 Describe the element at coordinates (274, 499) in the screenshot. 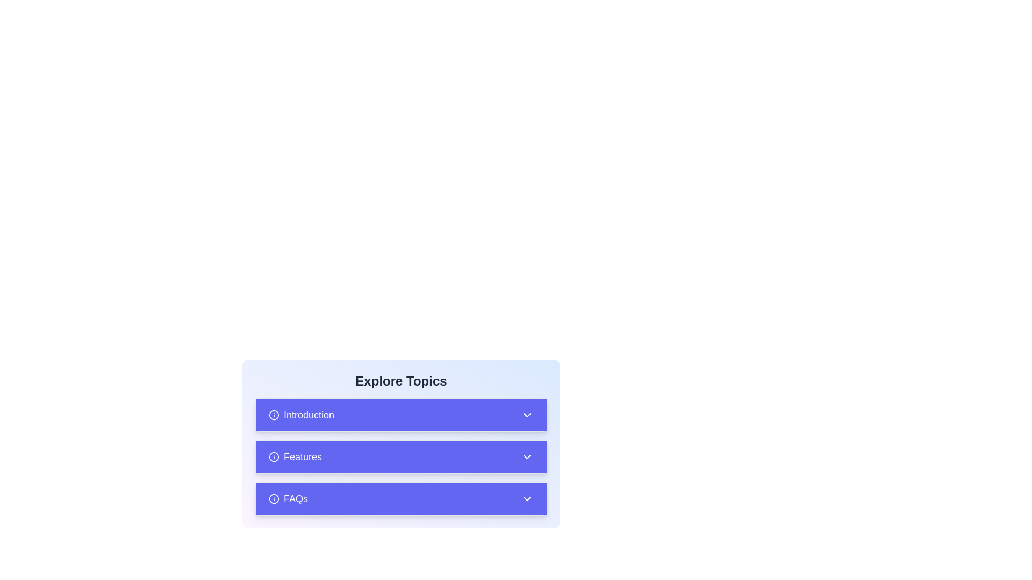

I see `the circular graphical component next to the 'FAQs' button in the 'Explore Topics' section` at that location.